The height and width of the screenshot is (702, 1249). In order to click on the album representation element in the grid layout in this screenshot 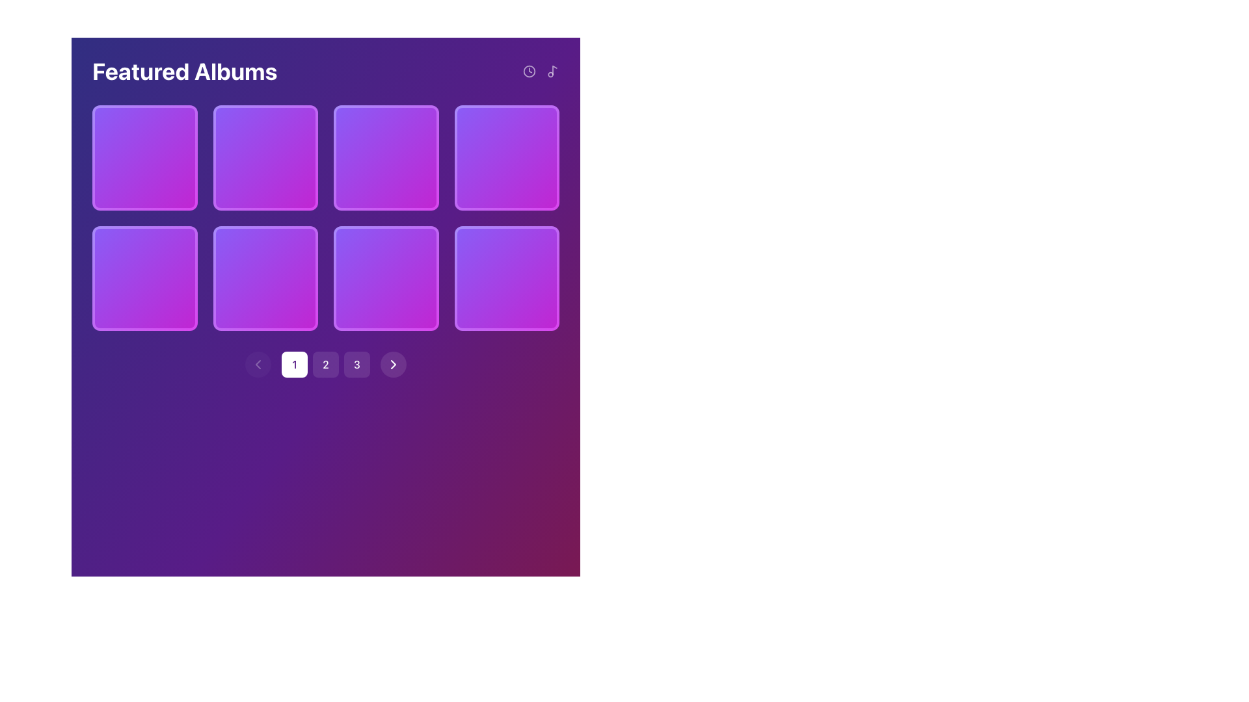, I will do `click(144, 278)`.